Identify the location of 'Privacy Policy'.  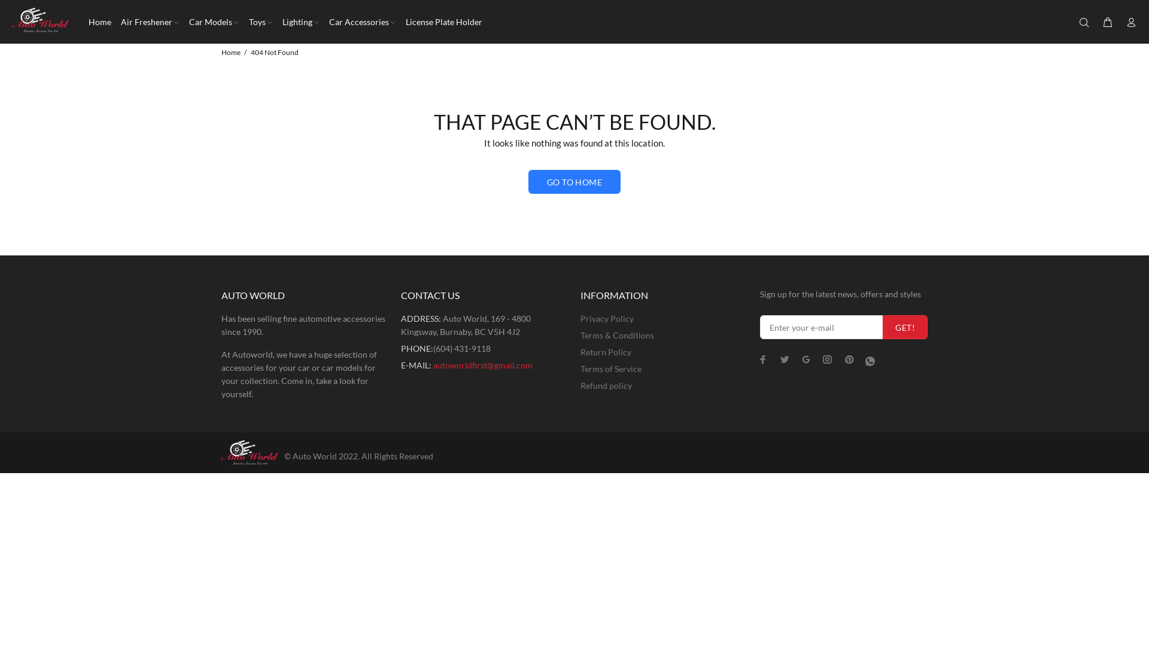
(580, 318).